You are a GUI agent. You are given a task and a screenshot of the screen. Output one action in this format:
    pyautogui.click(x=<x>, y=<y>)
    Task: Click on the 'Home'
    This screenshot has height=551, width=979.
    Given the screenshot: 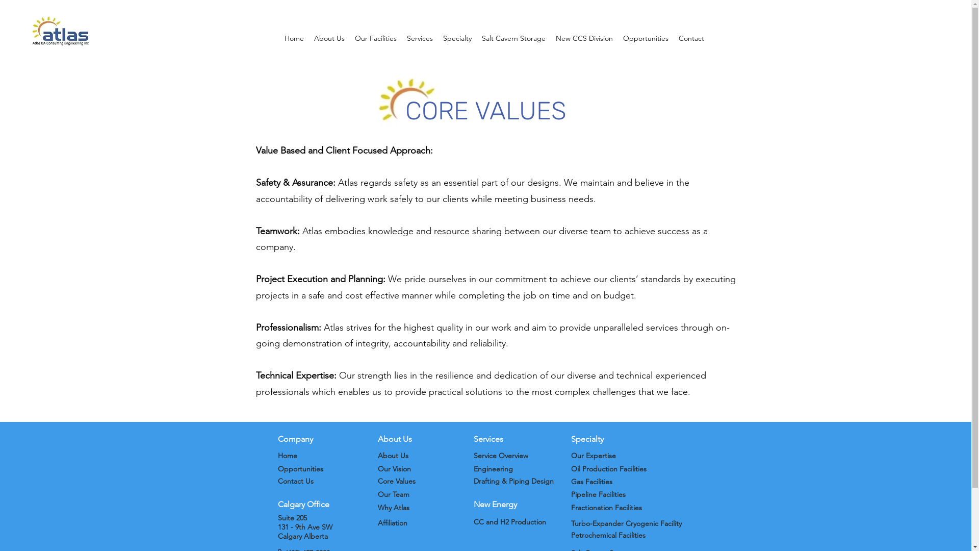 What is the action you would take?
    pyautogui.click(x=286, y=455)
    